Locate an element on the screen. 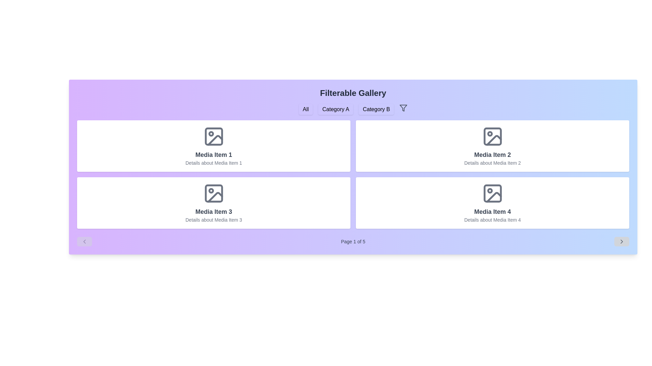  icon of the media item display card located at the top-left corner of the grid layout, which includes a title, description, and icon is located at coordinates (213, 146).